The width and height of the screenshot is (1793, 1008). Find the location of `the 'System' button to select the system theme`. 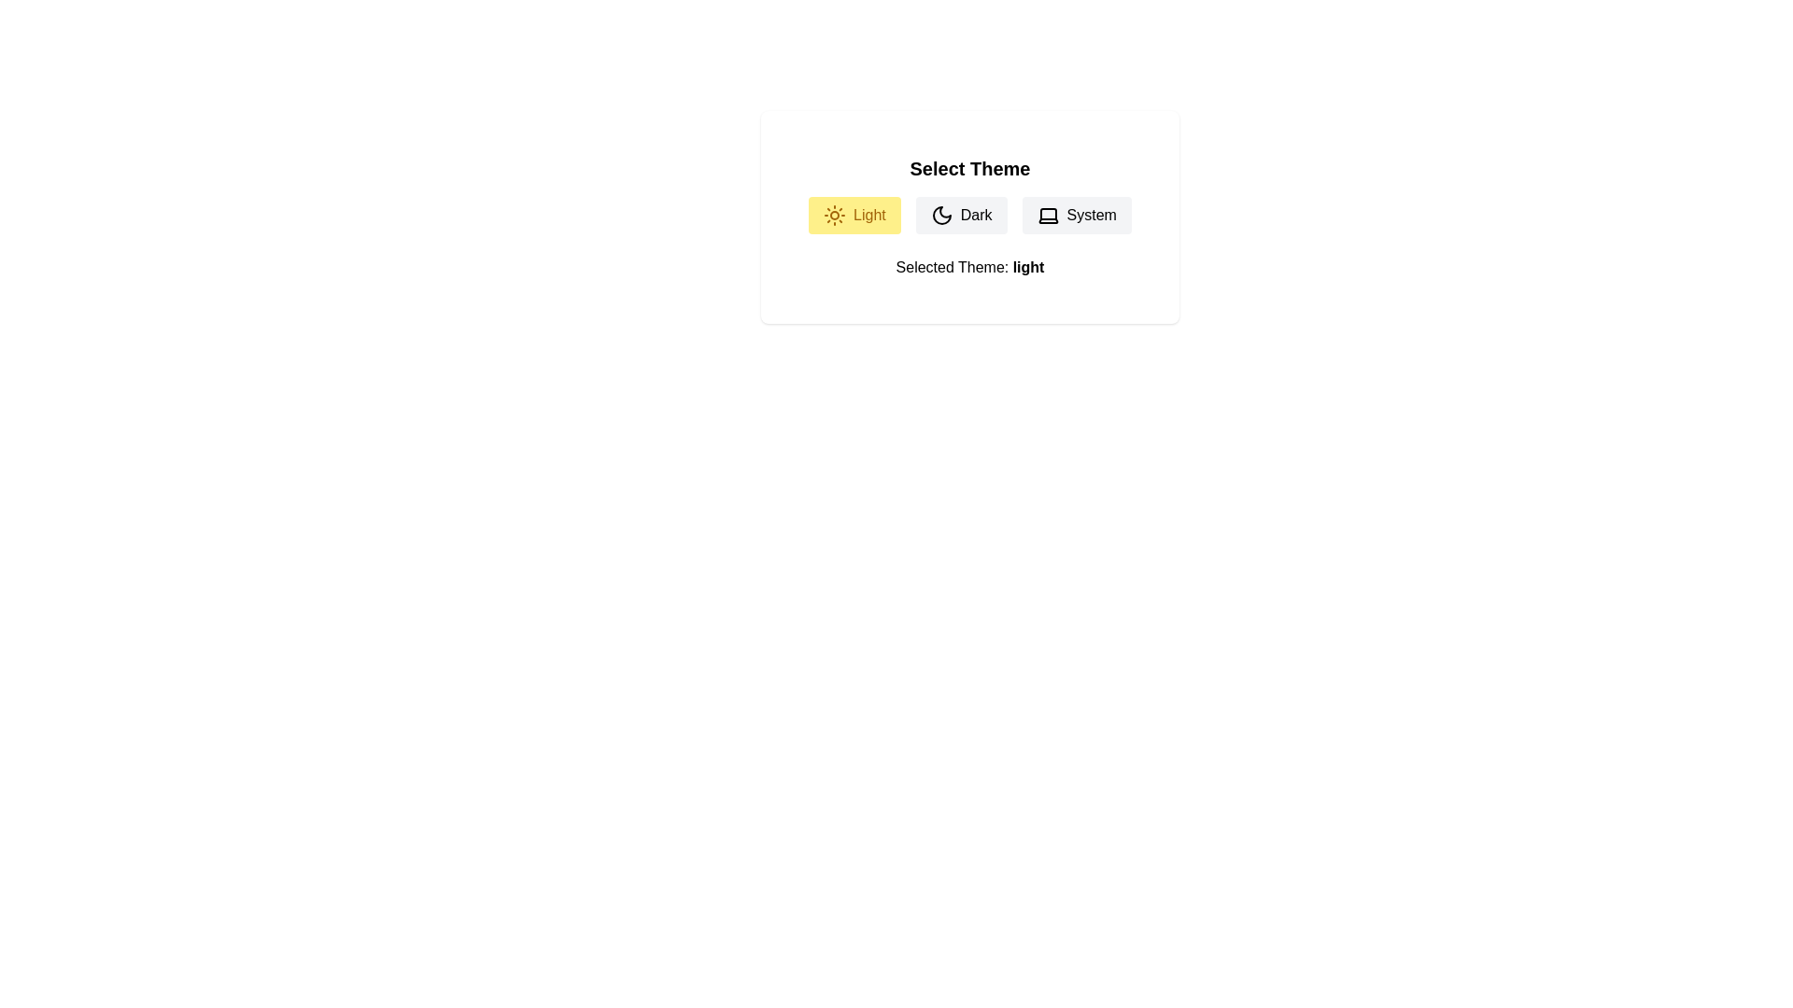

the 'System' button to select the system theme is located at coordinates (1076, 215).